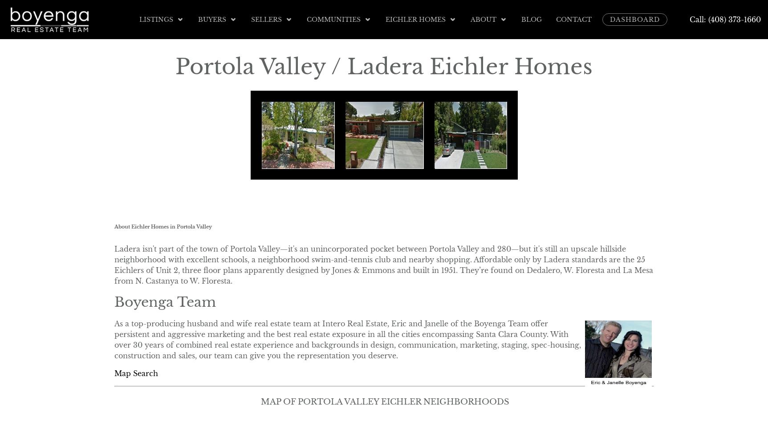  I want to click on 'Sellers', so click(266, 19).